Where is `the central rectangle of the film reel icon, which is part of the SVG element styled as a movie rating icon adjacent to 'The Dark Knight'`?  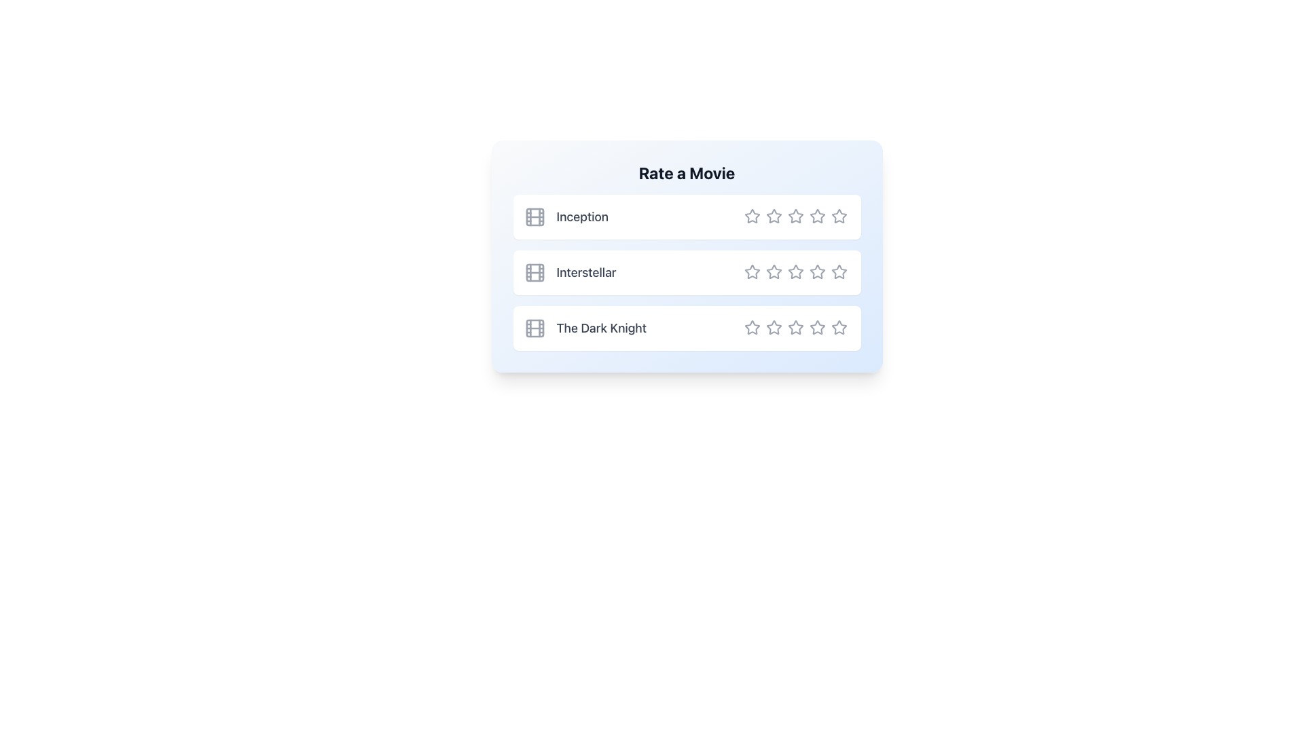
the central rectangle of the film reel icon, which is part of the SVG element styled as a movie rating icon adjacent to 'The Dark Knight' is located at coordinates (534, 328).